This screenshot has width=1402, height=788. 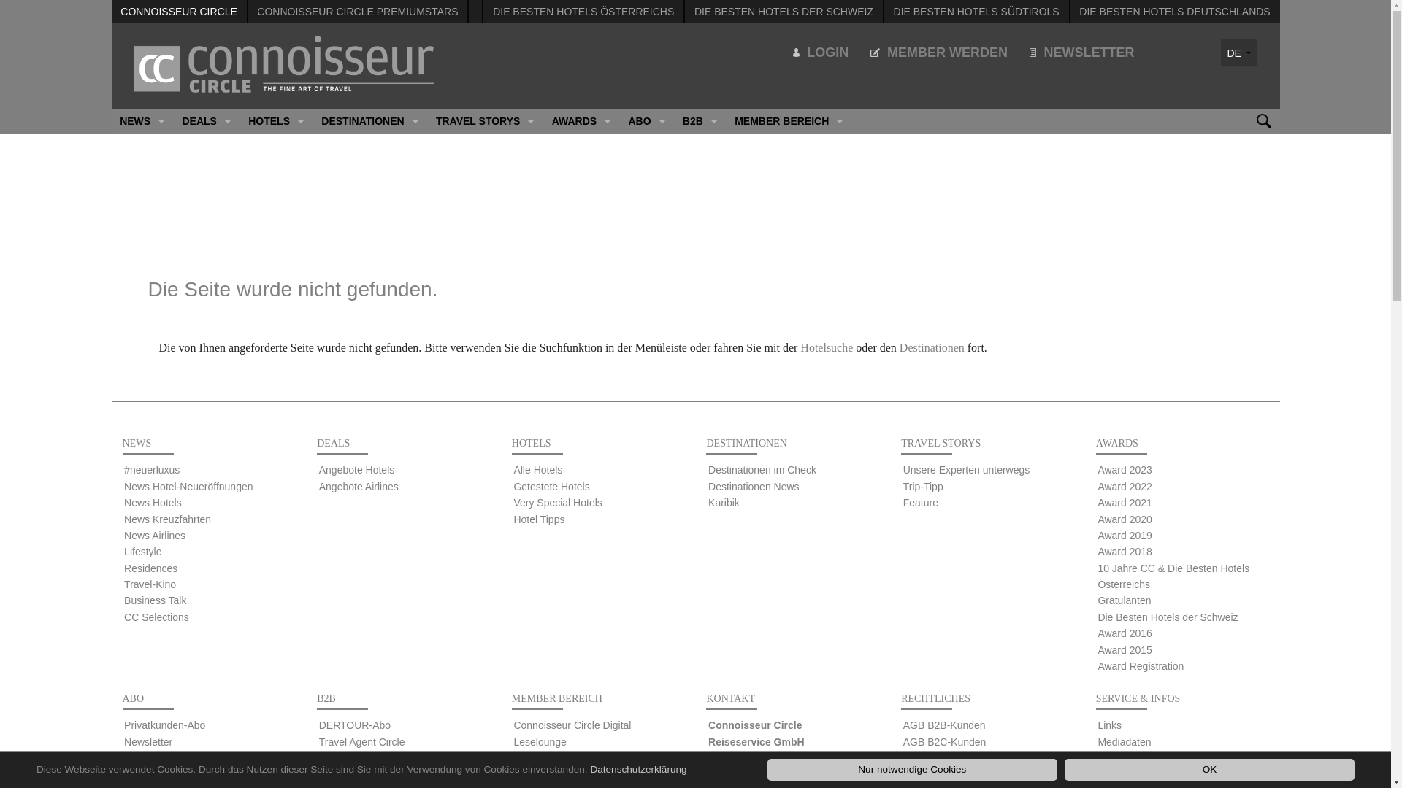 What do you see at coordinates (513, 470) in the screenshot?
I see `'Alle Hotels'` at bounding box center [513, 470].